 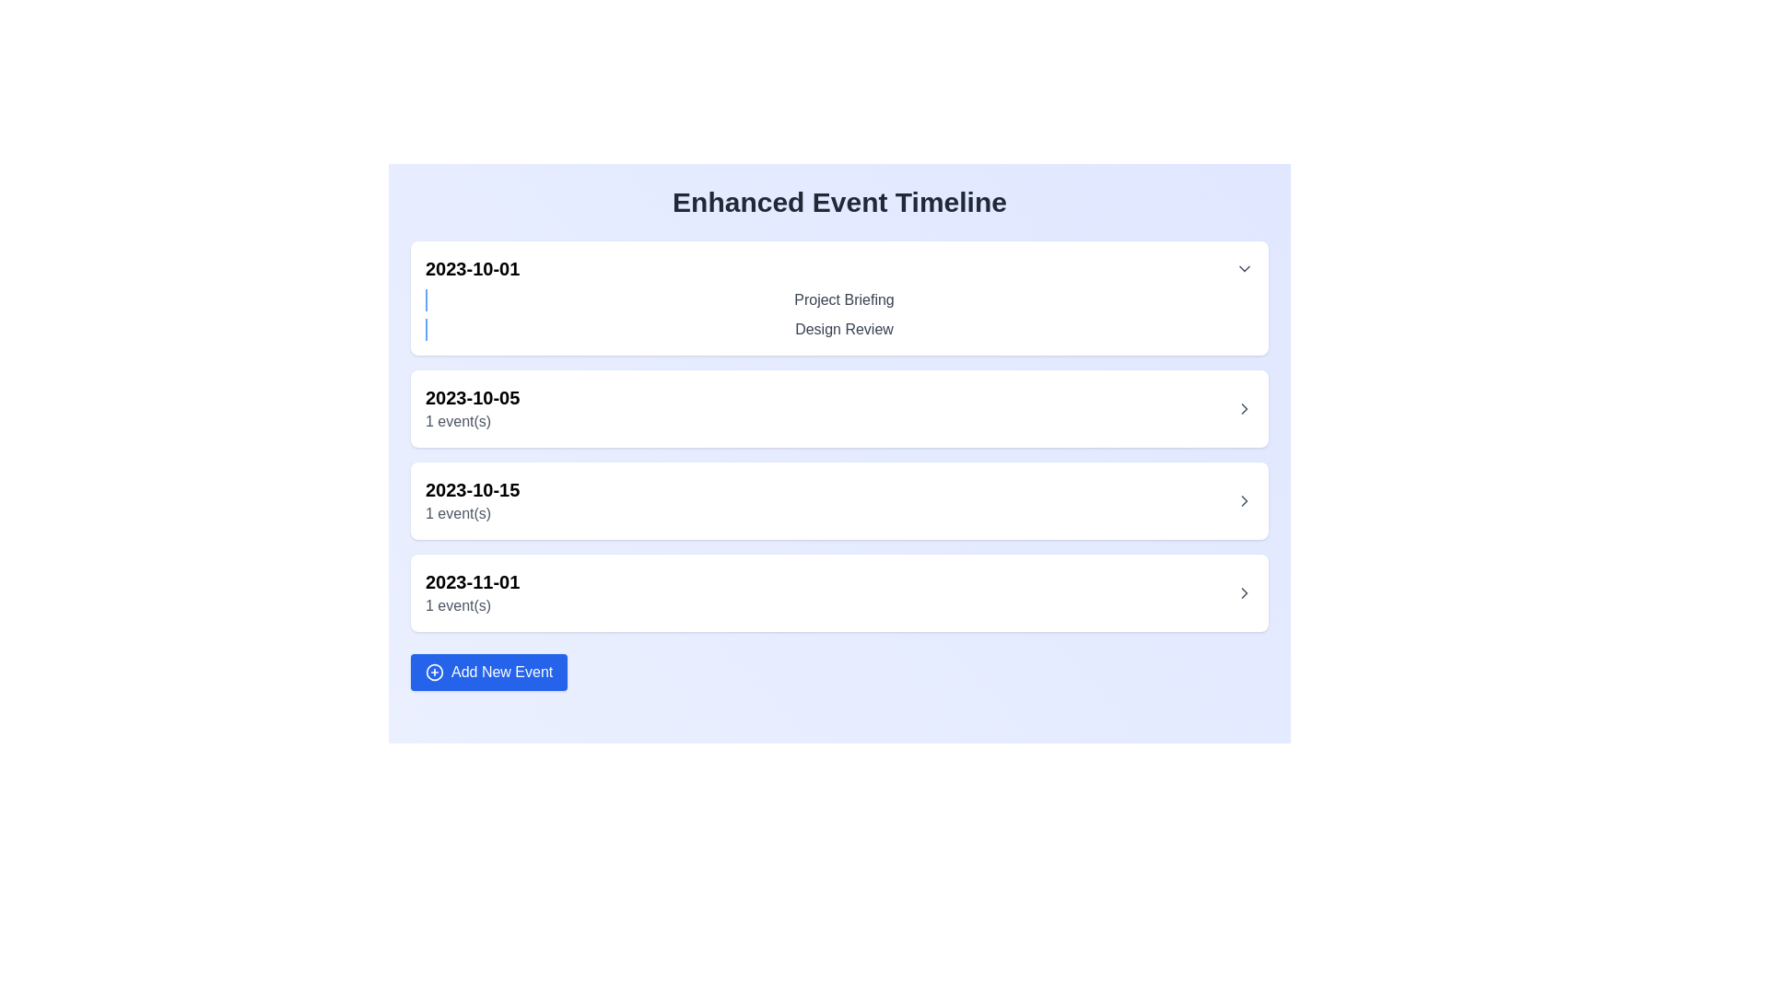 What do you see at coordinates (843, 299) in the screenshot?
I see `the text label that specifies the title of an event listed under the date heading '2023-10-01', located in the vertical timeline layout, preceding the 'Design Review' label` at bounding box center [843, 299].